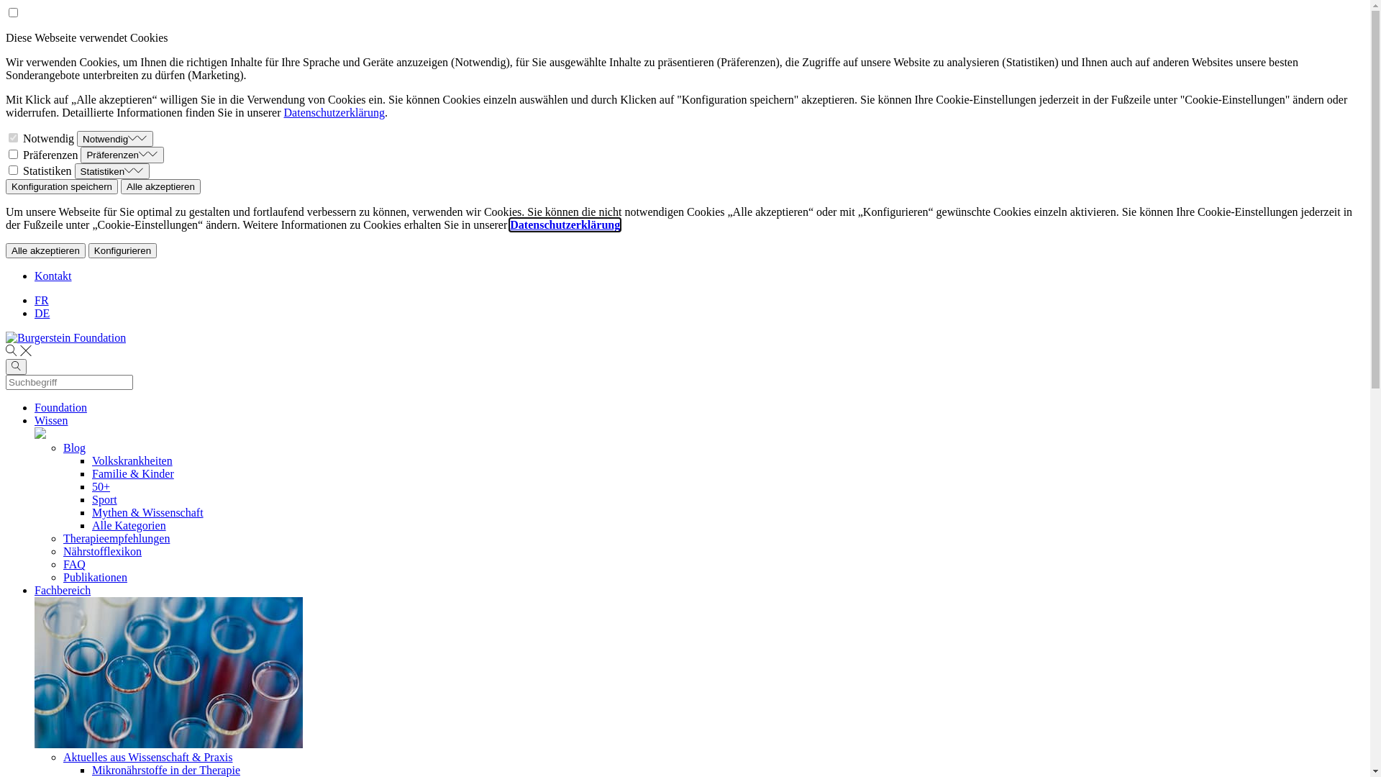 The height and width of the screenshot is (777, 1381). What do you see at coordinates (88, 250) in the screenshot?
I see `'Konfigurieren'` at bounding box center [88, 250].